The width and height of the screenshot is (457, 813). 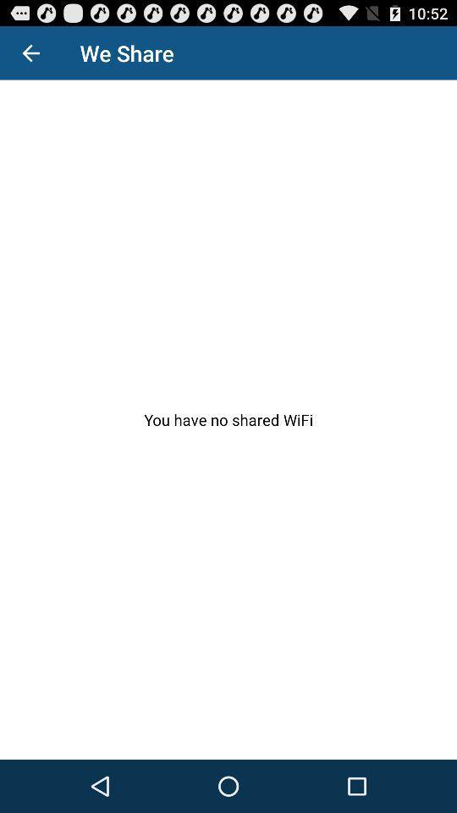 What do you see at coordinates (30, 53) in the screenshot?
I see `the item above you have no` at bounding box center [30, 53].